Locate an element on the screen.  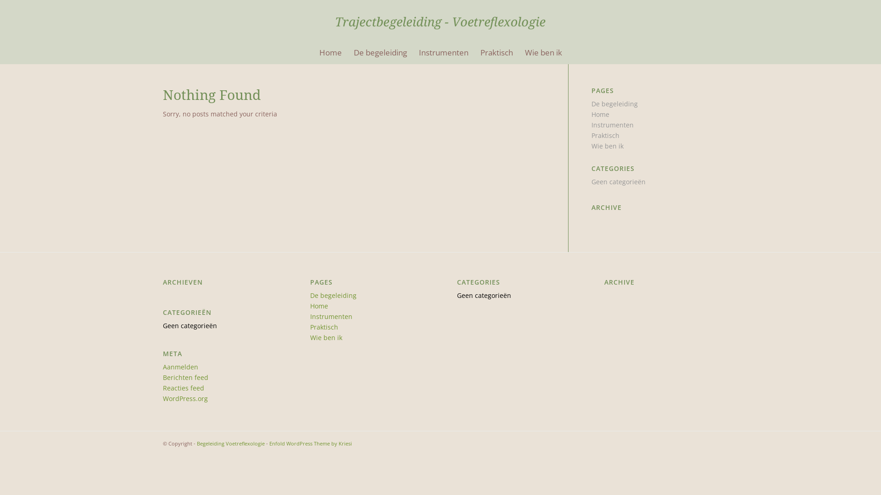
'Praktisch' is located at coordinates (324, 326).